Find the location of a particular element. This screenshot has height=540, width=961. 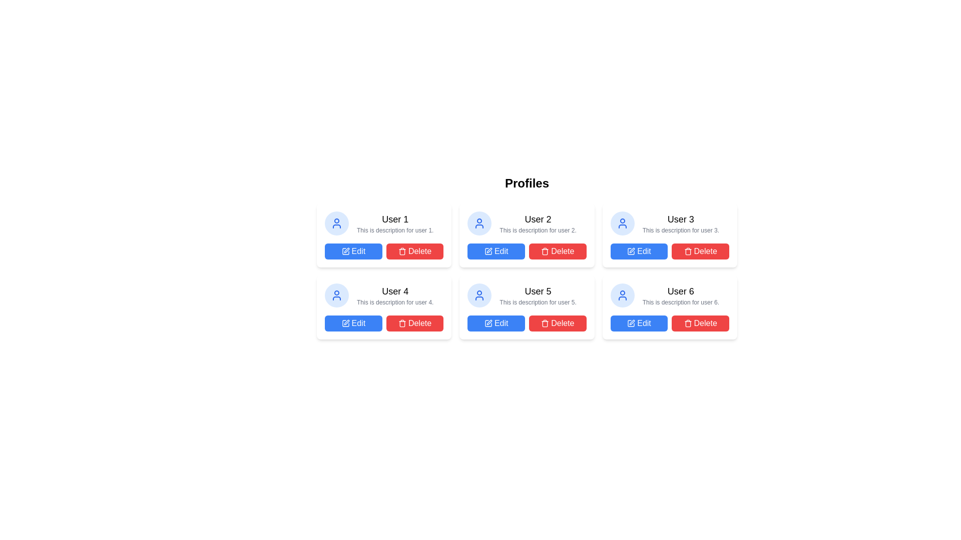

the red 'Delete' button with a trash bin icon is located at coordinates (700, 250).